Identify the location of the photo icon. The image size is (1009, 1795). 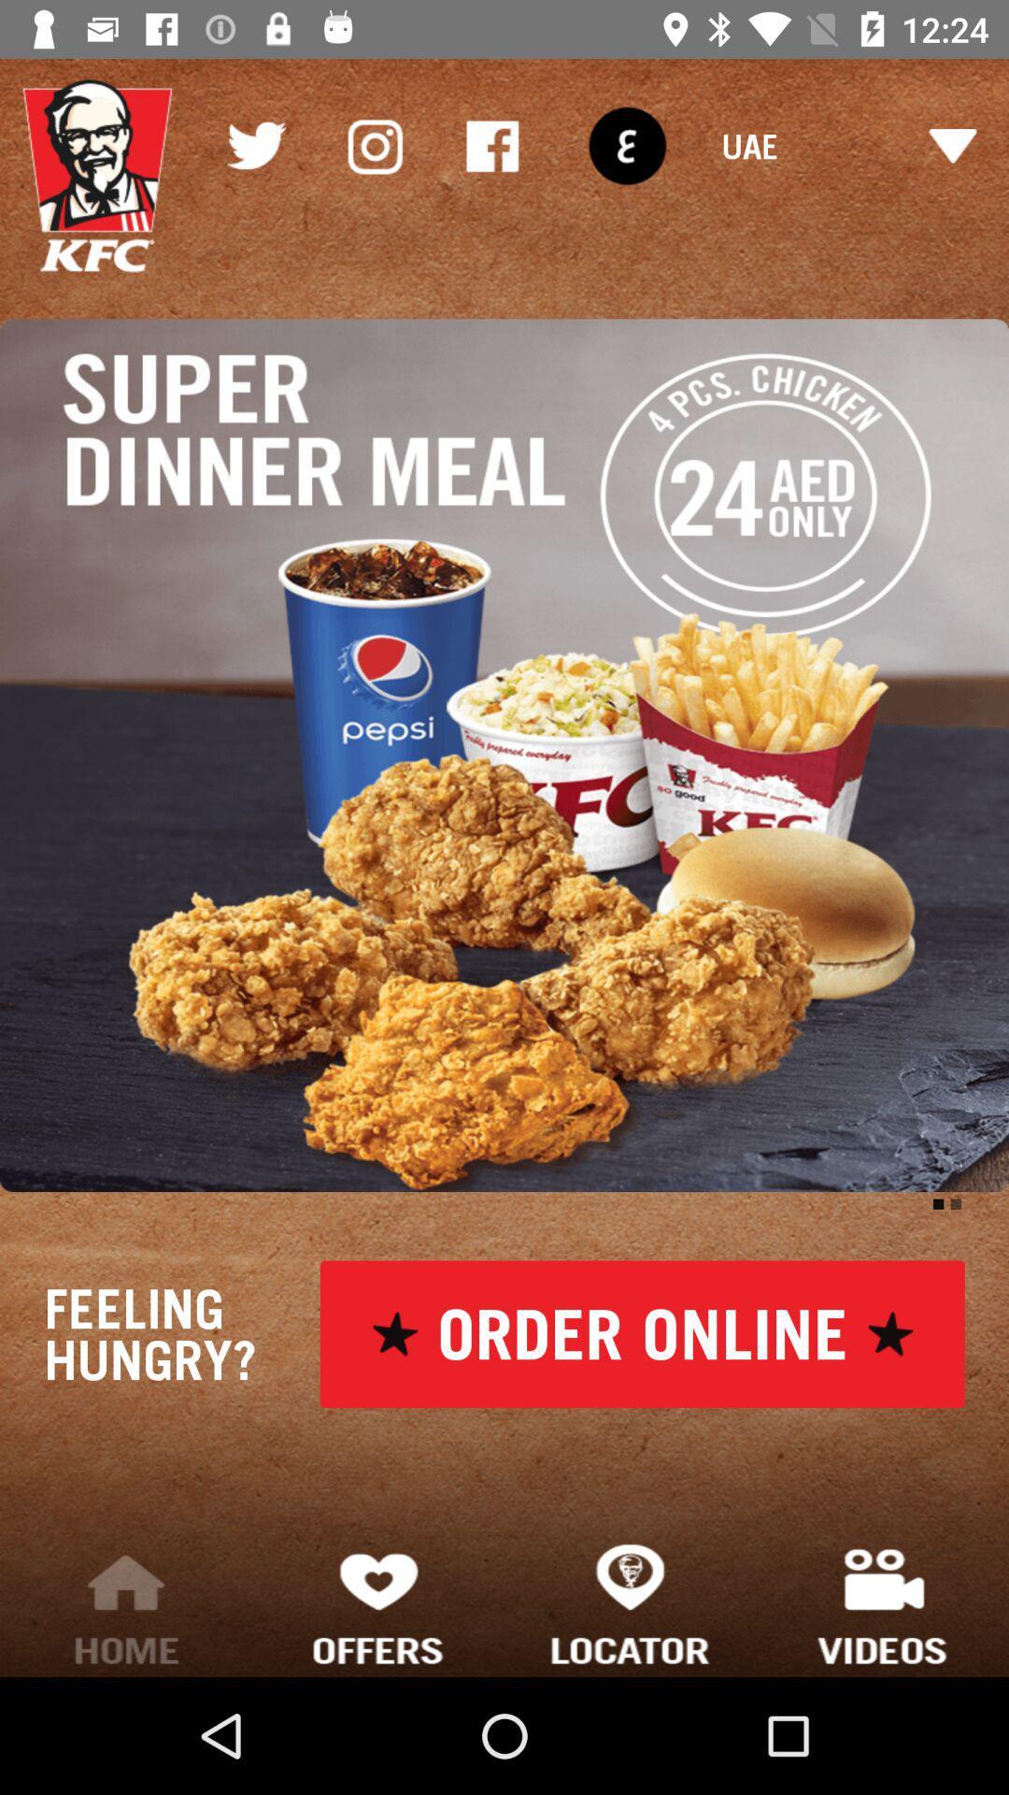
(374, 145).